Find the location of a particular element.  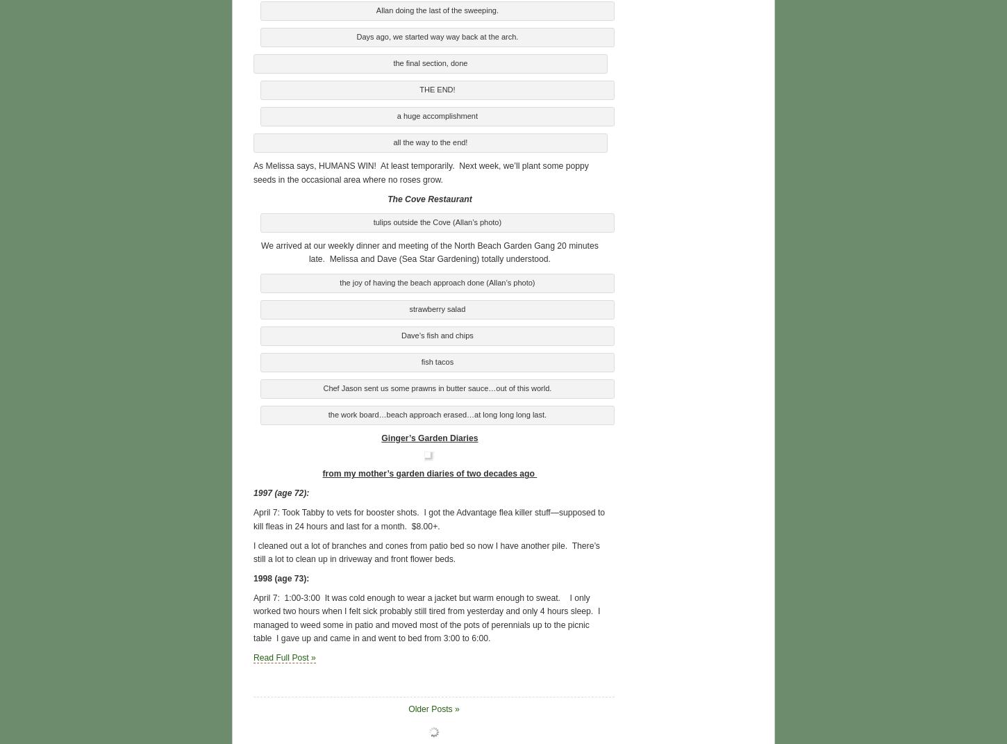

'THE END!' is located at coordinates (436, 88).